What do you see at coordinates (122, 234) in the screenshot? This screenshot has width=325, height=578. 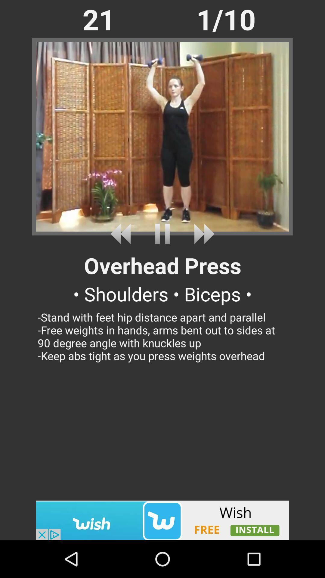 I see `prvious` at bounding box center [122, 234].